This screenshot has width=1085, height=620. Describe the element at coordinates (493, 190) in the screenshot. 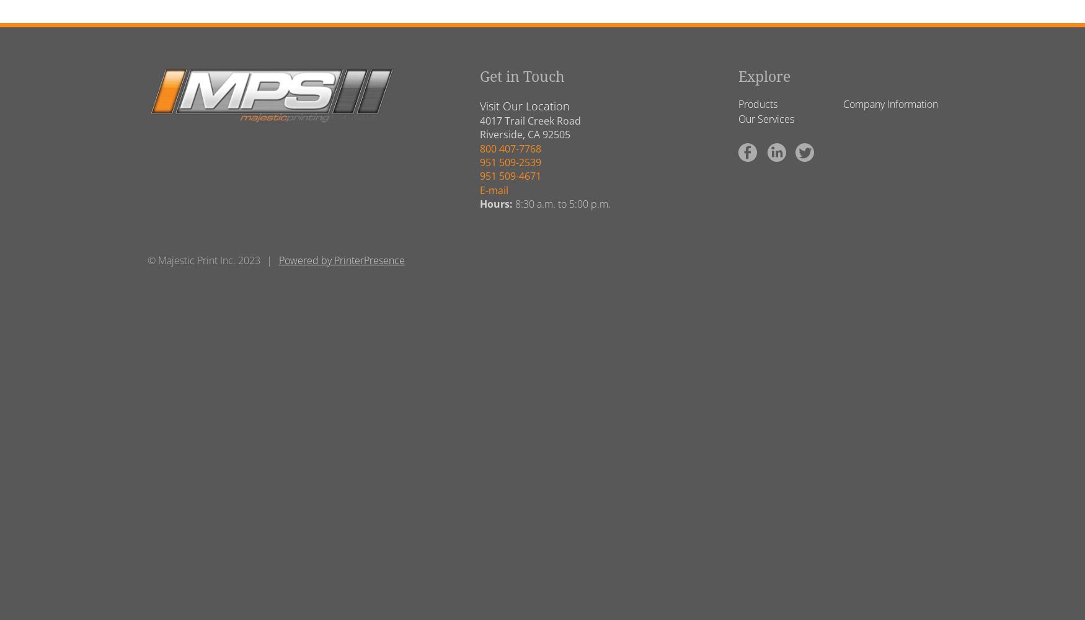

I see `'E-mail'` at that location.